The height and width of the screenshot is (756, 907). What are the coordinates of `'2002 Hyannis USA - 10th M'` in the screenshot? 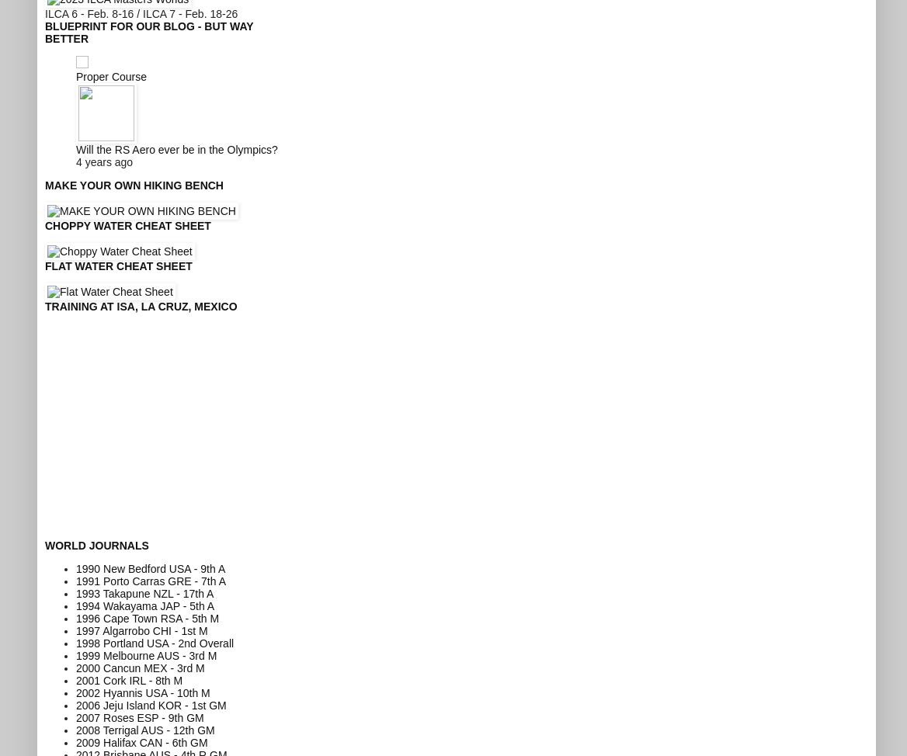 It's located at (142, 692).